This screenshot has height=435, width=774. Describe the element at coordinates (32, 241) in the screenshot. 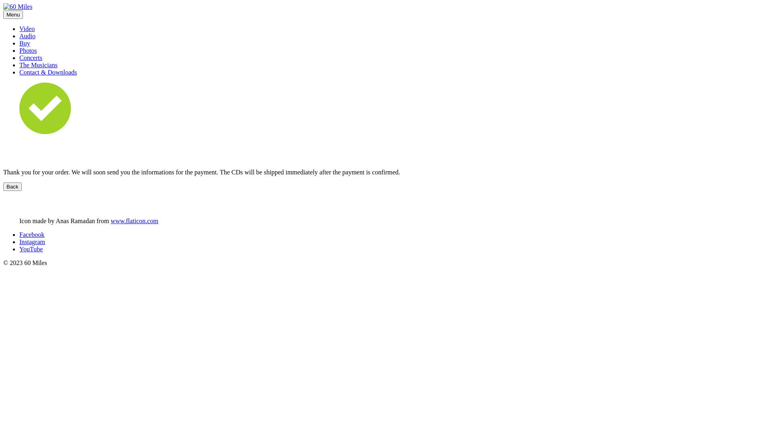

I see `'Instagram'` at that location.